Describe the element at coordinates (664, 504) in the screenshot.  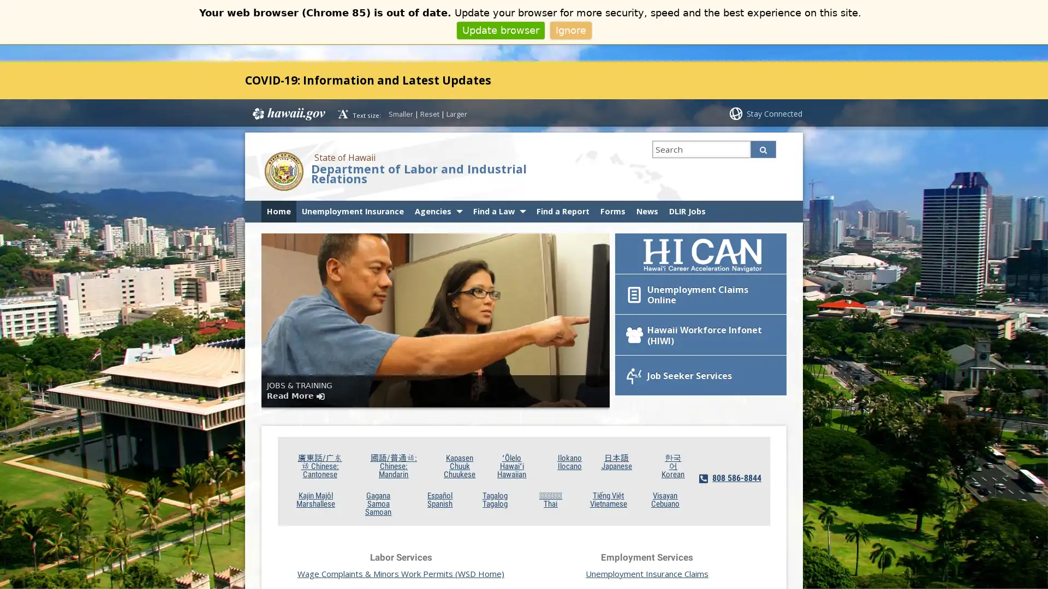
I see `Visayan Cebuano` at that location.